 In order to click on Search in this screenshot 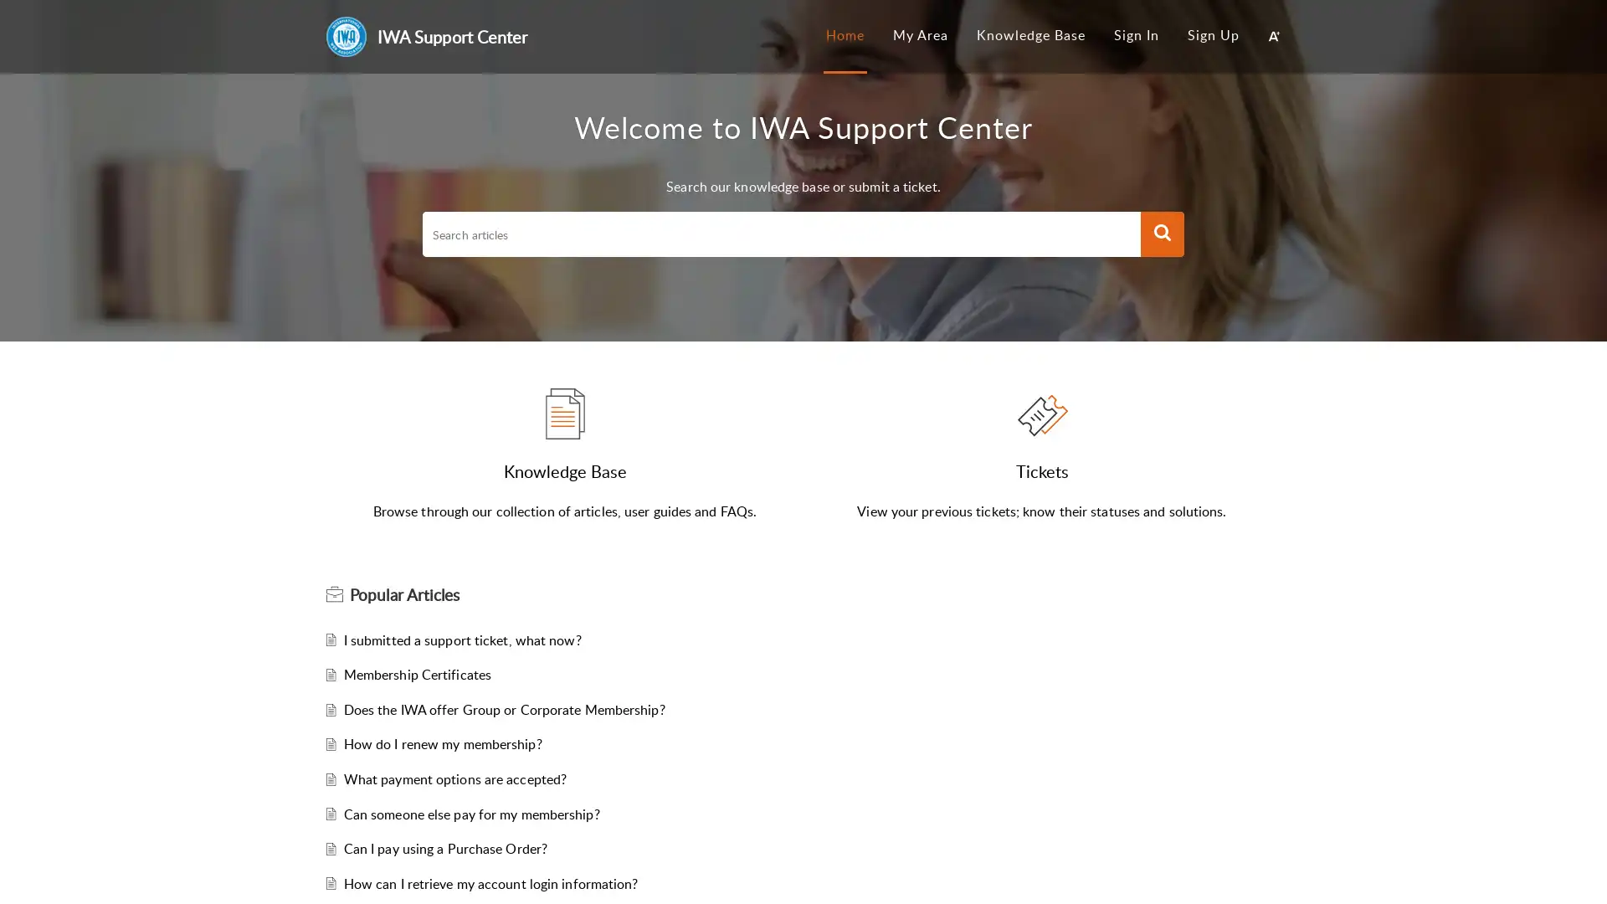, I will do `click(1161, 234)`.